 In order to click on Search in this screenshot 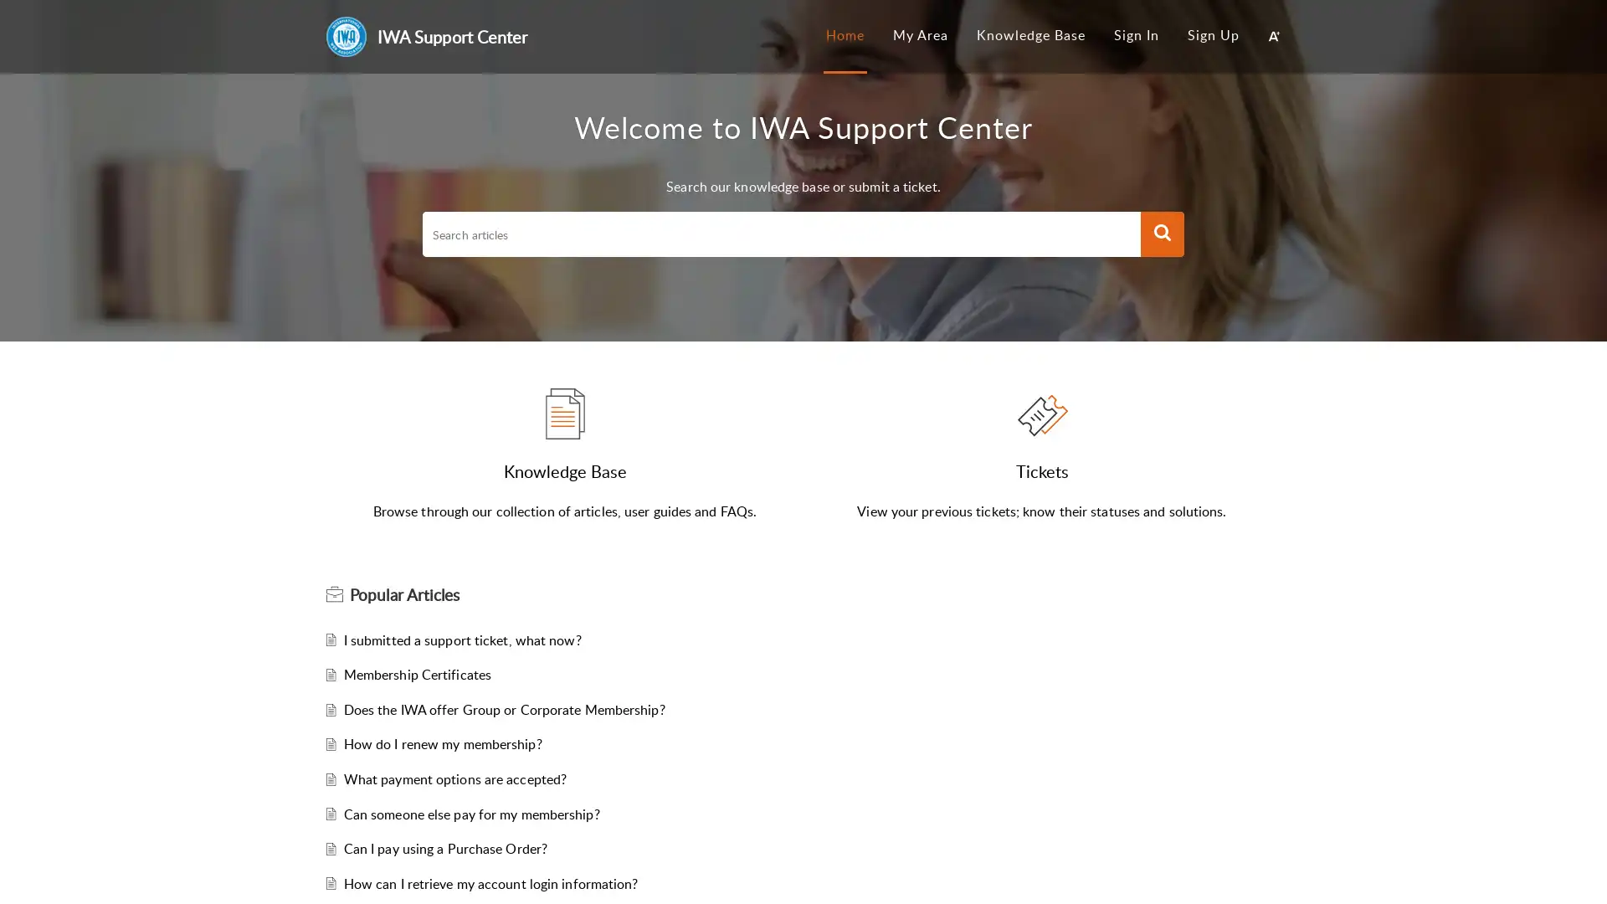, I will do `click(1161, 234)`.